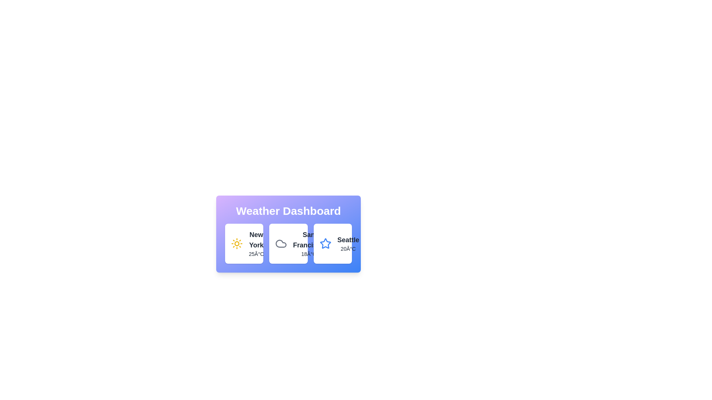  Describe the element at coordinates (309, 244) in the screenshot. I see `the weather card displaying the city name 'San Francisco' and temperature '18°C', which is the third card in the row of weather cards on the dashboard` at that location.